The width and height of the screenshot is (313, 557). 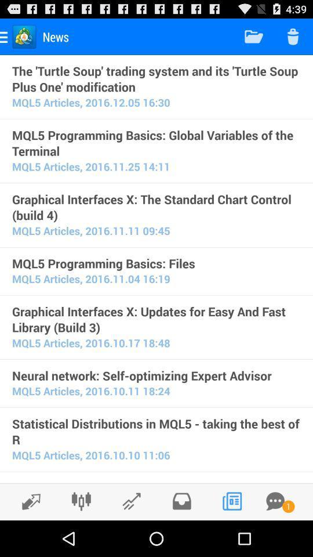 I want to click on comprehensive analysis, so click(x=81, y=501).